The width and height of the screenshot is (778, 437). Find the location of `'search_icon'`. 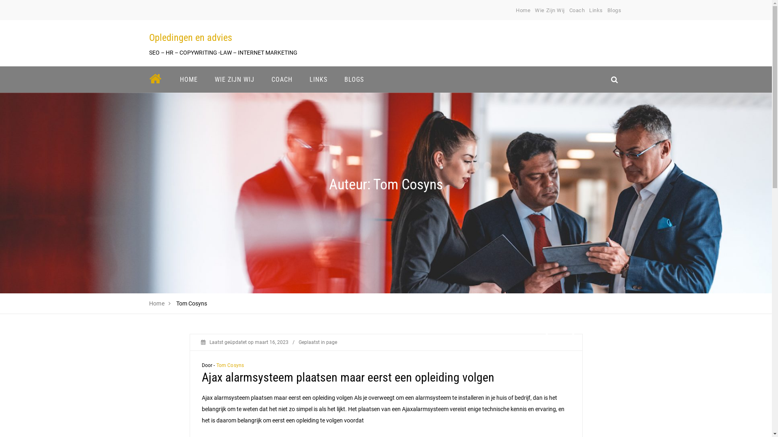

'search_icon' is located at coordinates (614, 79).